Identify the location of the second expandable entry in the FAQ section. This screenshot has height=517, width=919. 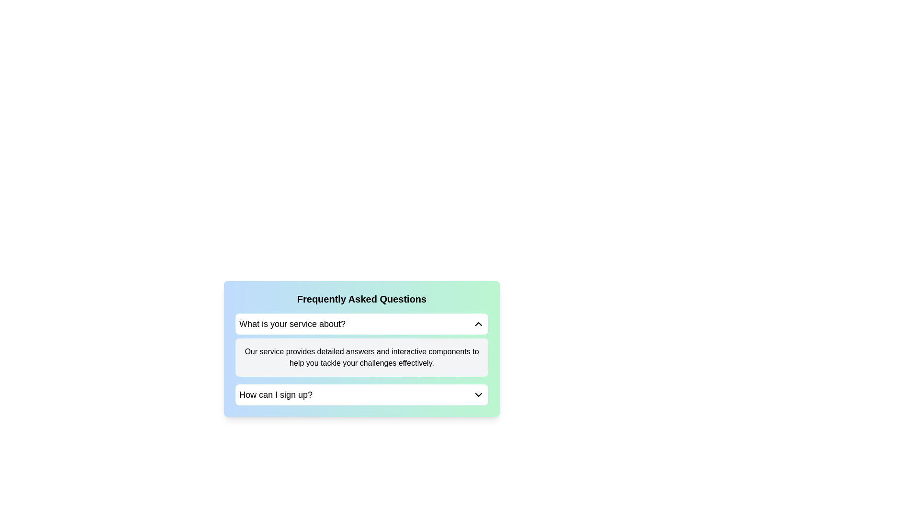
(361, 395).